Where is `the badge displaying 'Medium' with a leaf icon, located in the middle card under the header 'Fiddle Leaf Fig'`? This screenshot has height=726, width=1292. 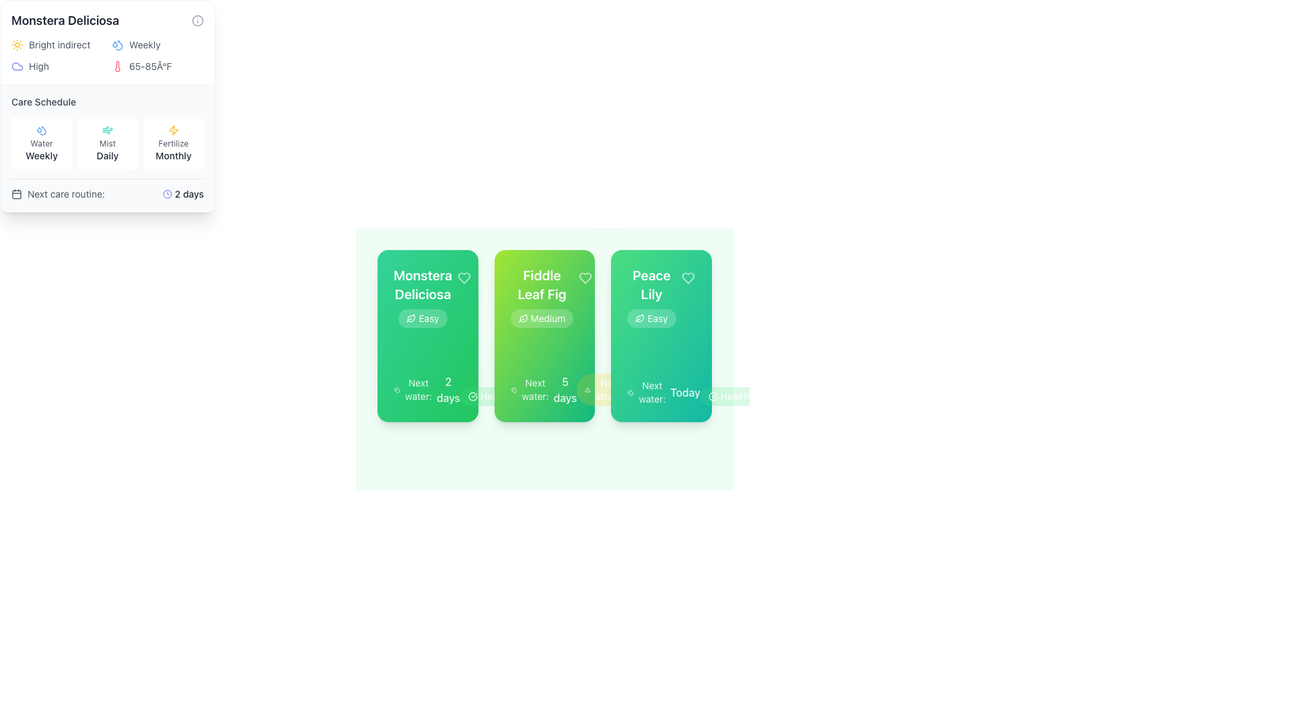
the badge displaying 'Medium' with a leaf icon, located in the middle card under the header 'Fiddle Leaf Fig' is located at coordinates (542, 319).